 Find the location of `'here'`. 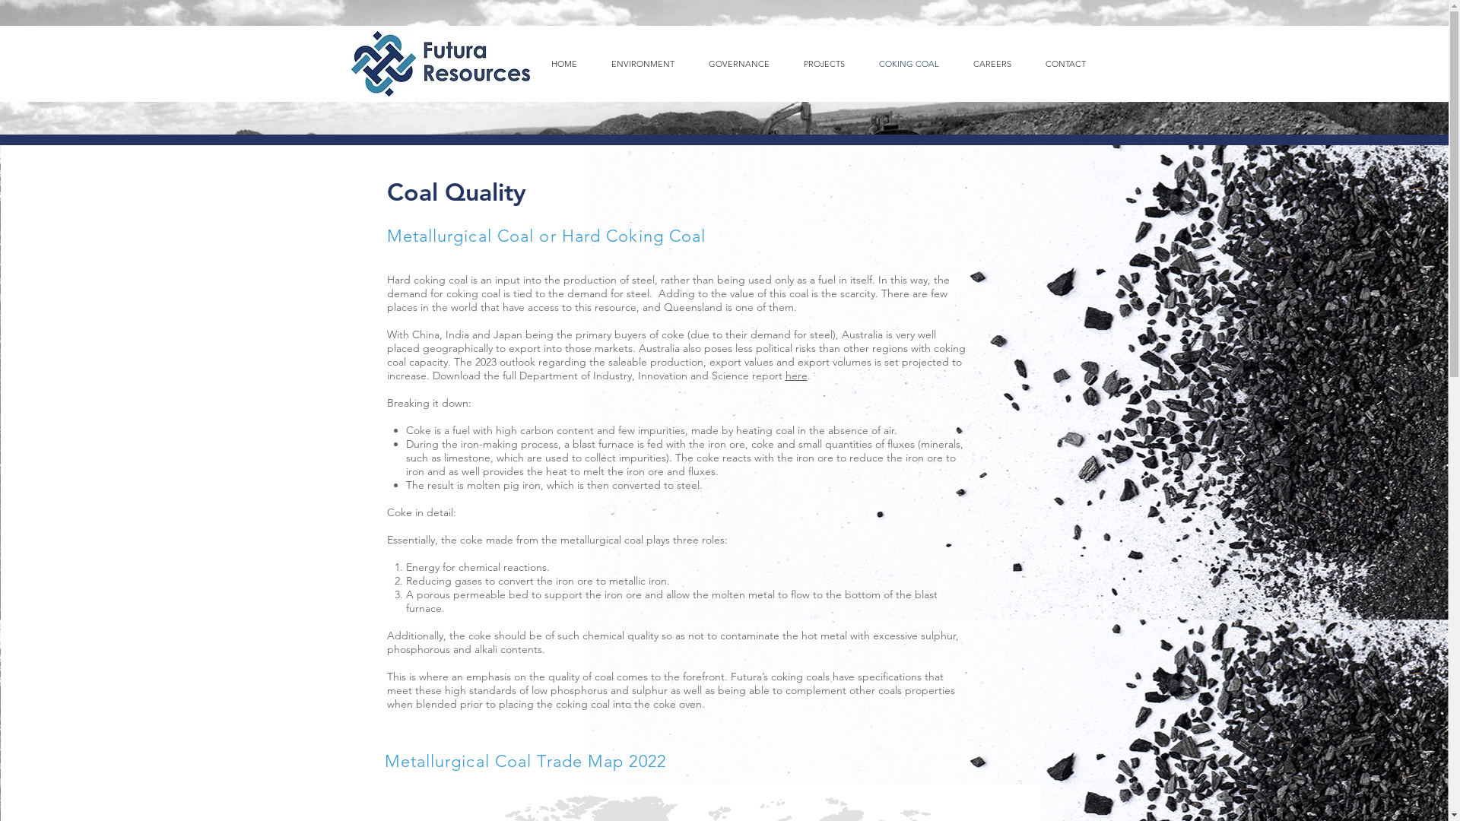

'here' is located at coordinates (795, 375).